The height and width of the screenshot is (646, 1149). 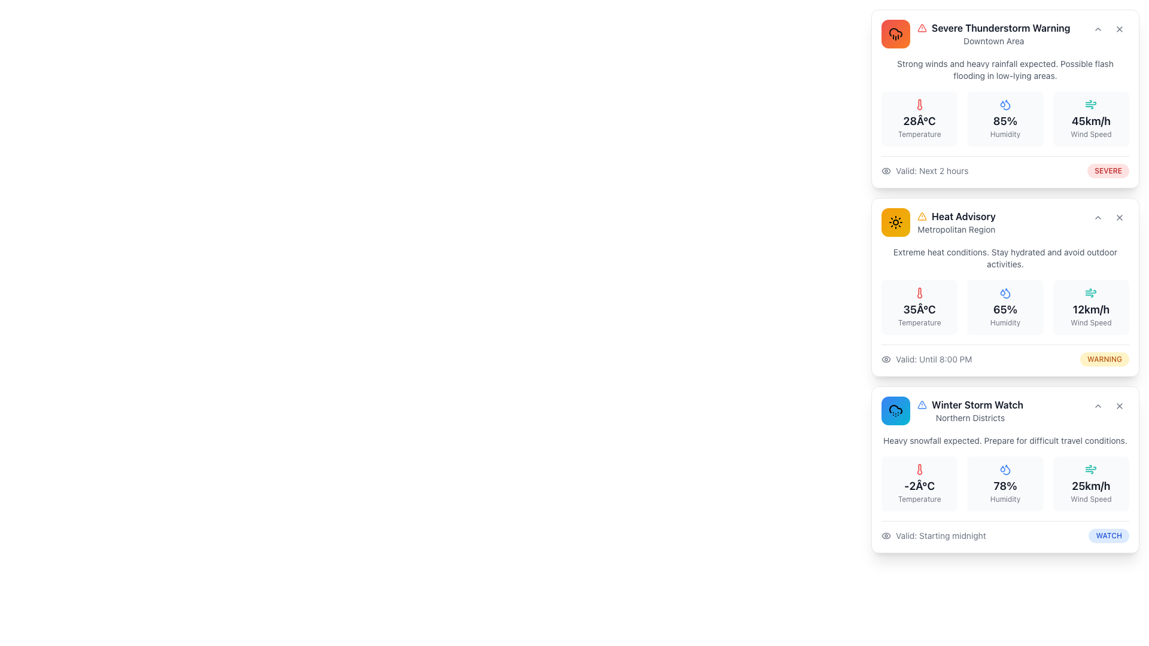 I want to click on the text label displaying '25km/h' in a bold, large font, located at the bottom-right corner of the card layout, below the wind icon and to the left of the label 'Wind Speed', so click(x=1091, y=486).